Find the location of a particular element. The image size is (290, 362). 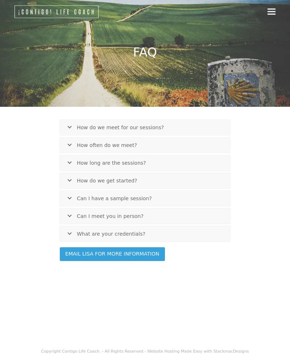

'How do we meet for our sessions?' is located at coordinates (120, 127).